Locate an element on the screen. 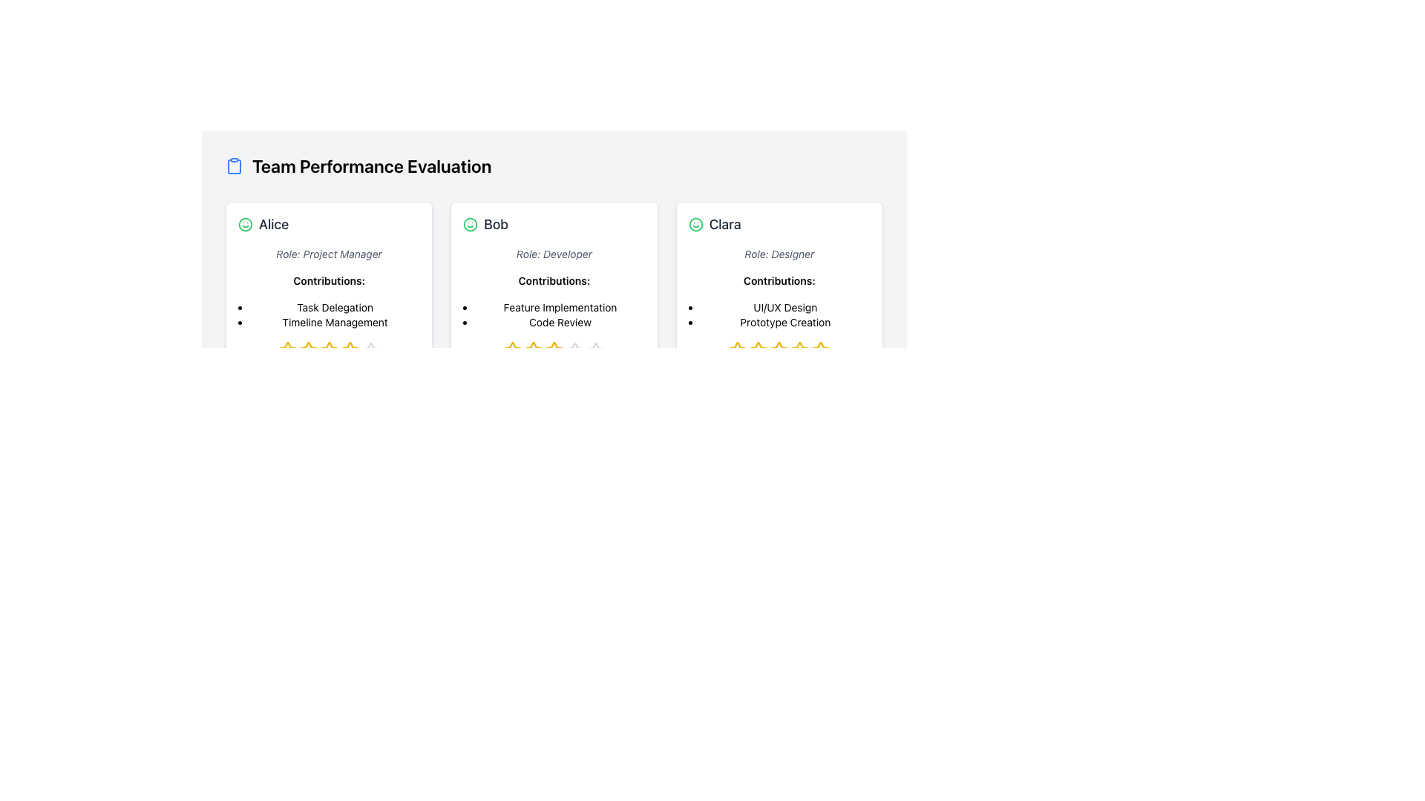 This screenshot has width=1425, height=801. the third star icon in the rating component for 'Clara - Role: Designer', located below 'Contributions: UI/UX Design Prototype Creation' is located at coordinates (759, 351).